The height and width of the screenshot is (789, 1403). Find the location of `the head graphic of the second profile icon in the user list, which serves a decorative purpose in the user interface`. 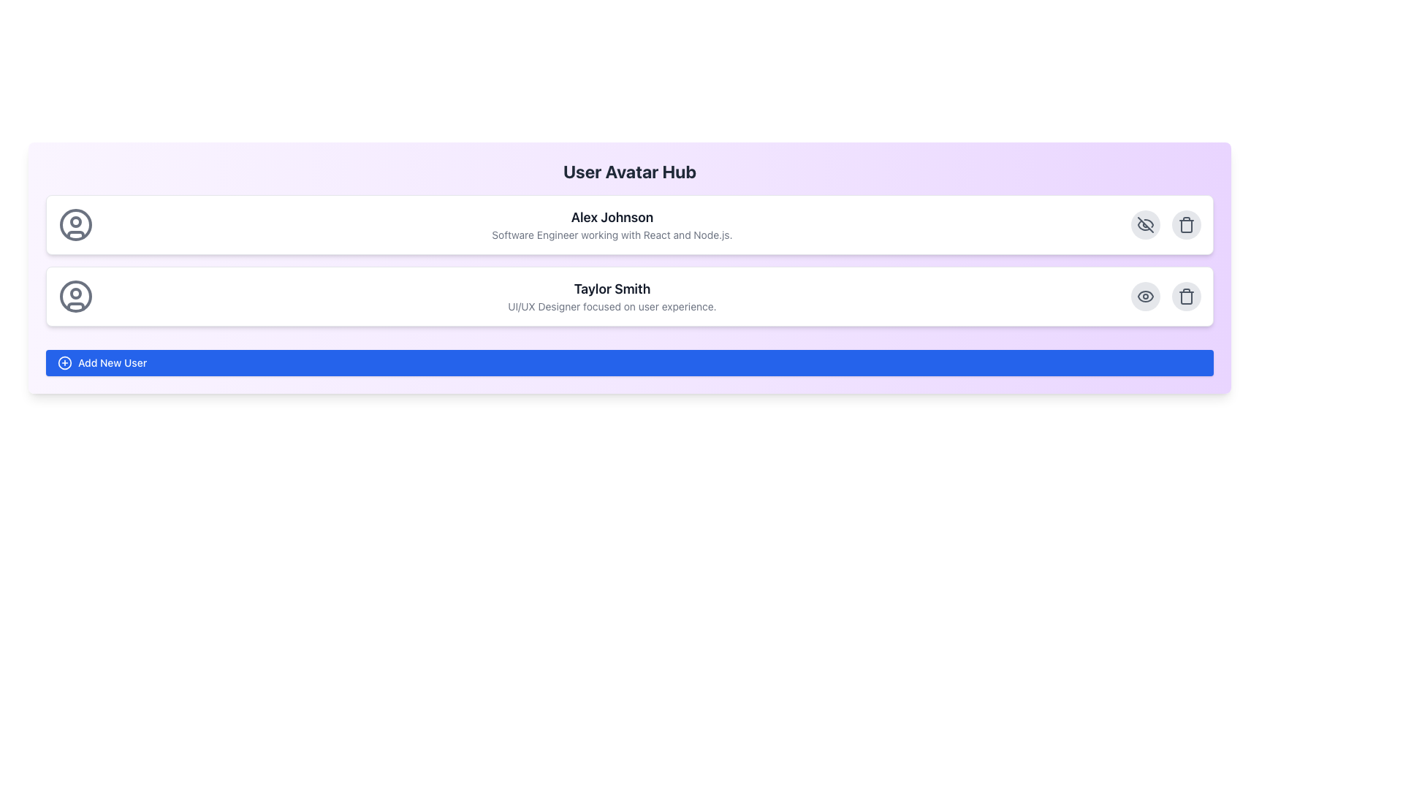

the head graphic of the second profile icon in the user list, which serves a decorative purpose in the user interface is located at coordinates (75, 293).